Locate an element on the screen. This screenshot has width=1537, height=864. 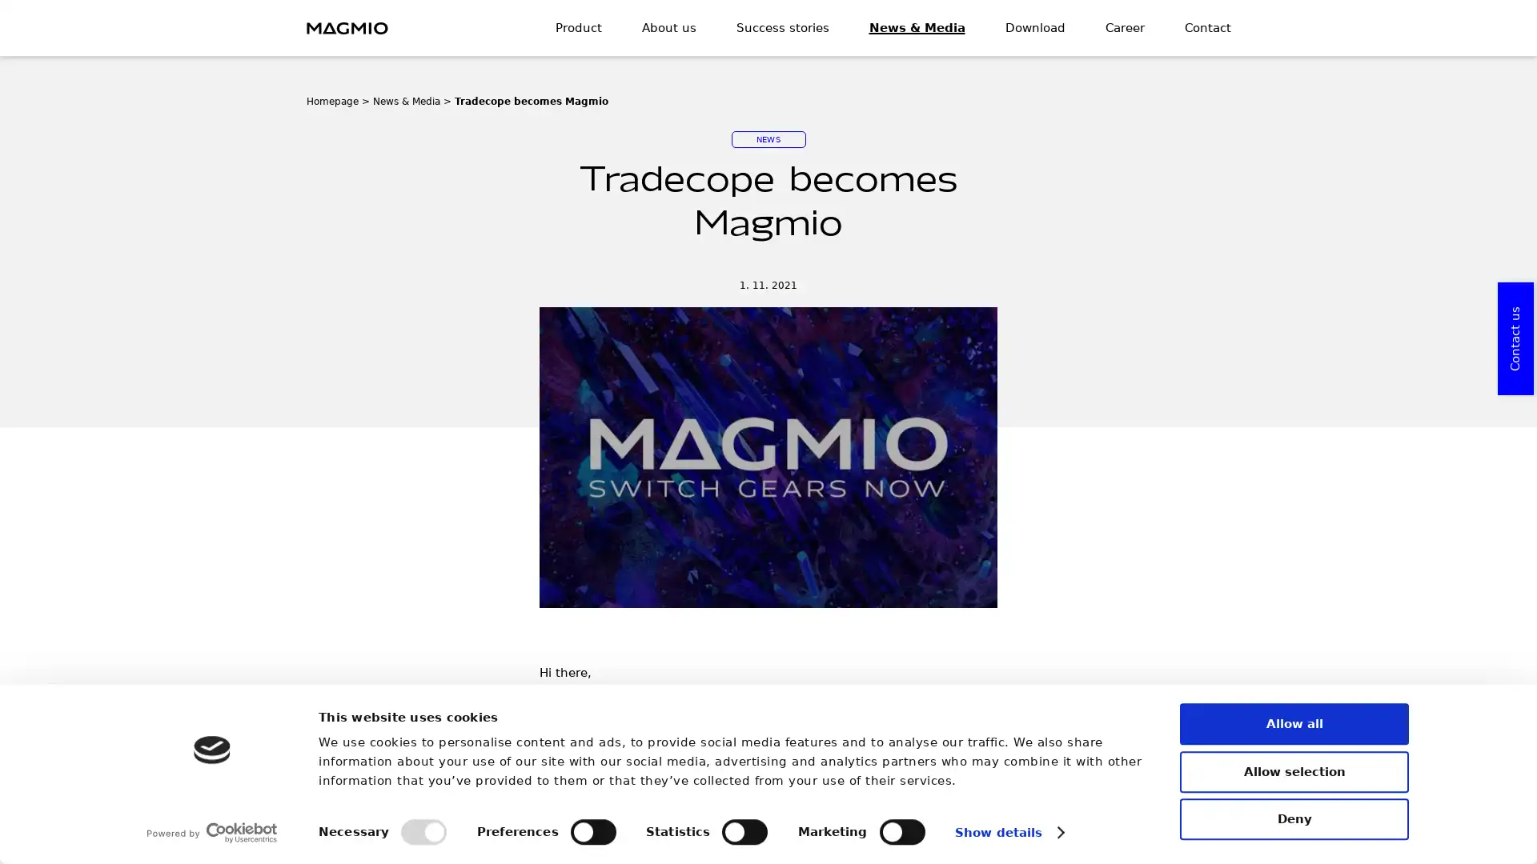
Sign up is located at coordinates (938, 618).